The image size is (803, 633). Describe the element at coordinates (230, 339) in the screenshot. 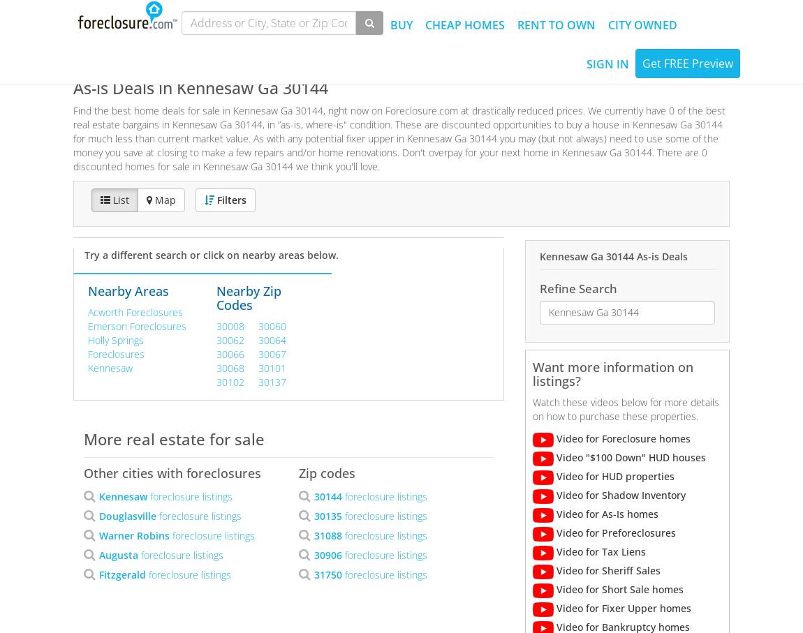

I see `'30062'` at that location.